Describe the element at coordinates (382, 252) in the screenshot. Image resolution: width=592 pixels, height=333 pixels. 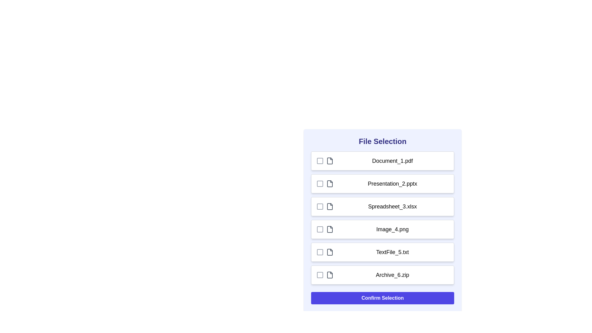
I see `the file row corresponding to TextFile_5.txt` at that location.